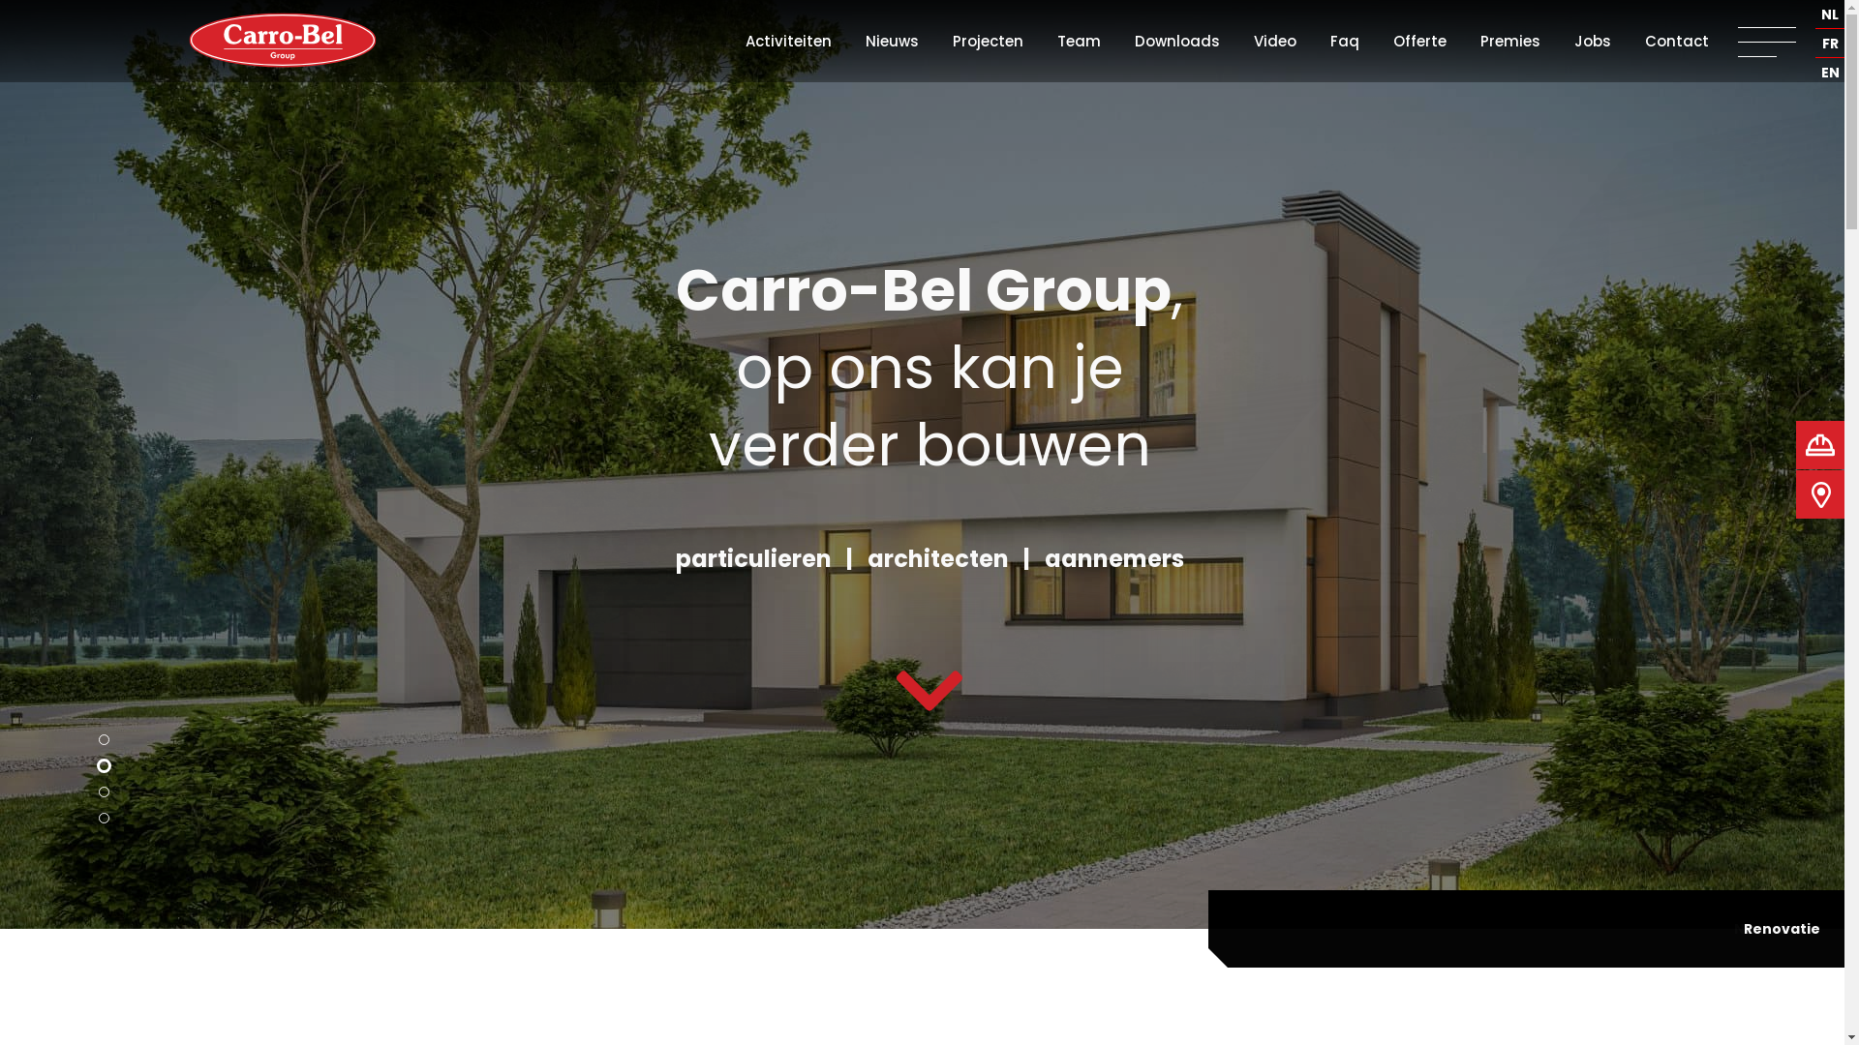 This screenshot has width=1859, height=1045. What do you see at coordinates (103, 818) in the screenshot?
I see `'4'` at bounding box center [103, 818].